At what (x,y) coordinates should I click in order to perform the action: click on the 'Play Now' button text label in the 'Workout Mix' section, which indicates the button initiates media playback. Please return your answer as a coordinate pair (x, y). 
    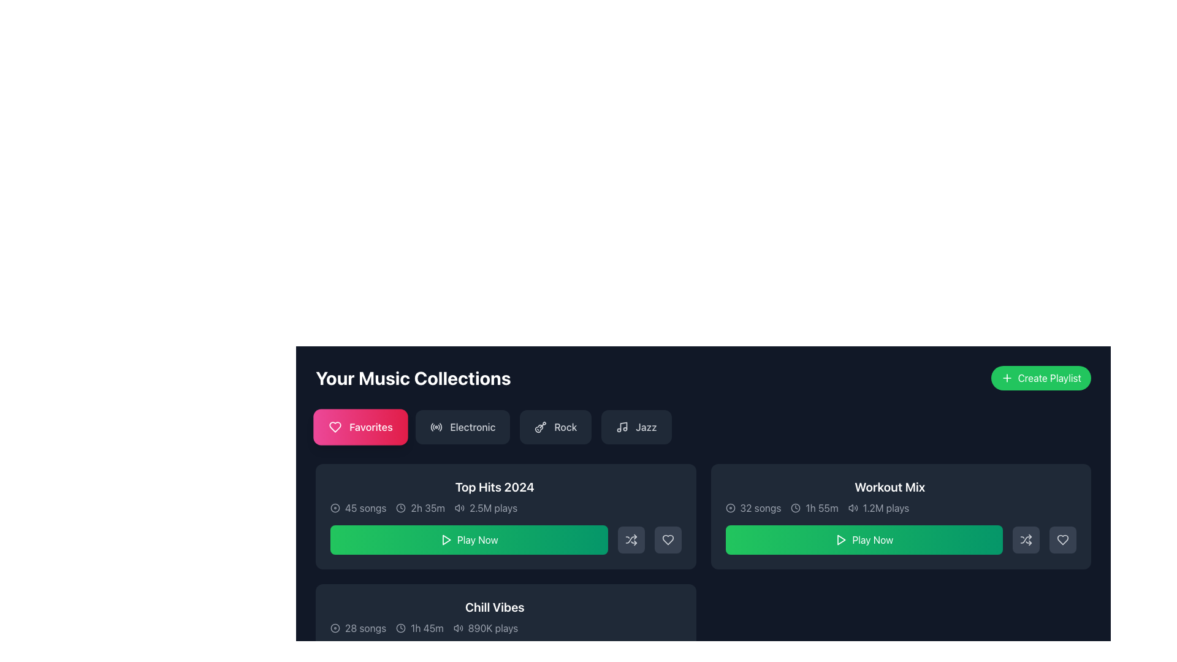
    Looking at the image, I should click on (872, 539).